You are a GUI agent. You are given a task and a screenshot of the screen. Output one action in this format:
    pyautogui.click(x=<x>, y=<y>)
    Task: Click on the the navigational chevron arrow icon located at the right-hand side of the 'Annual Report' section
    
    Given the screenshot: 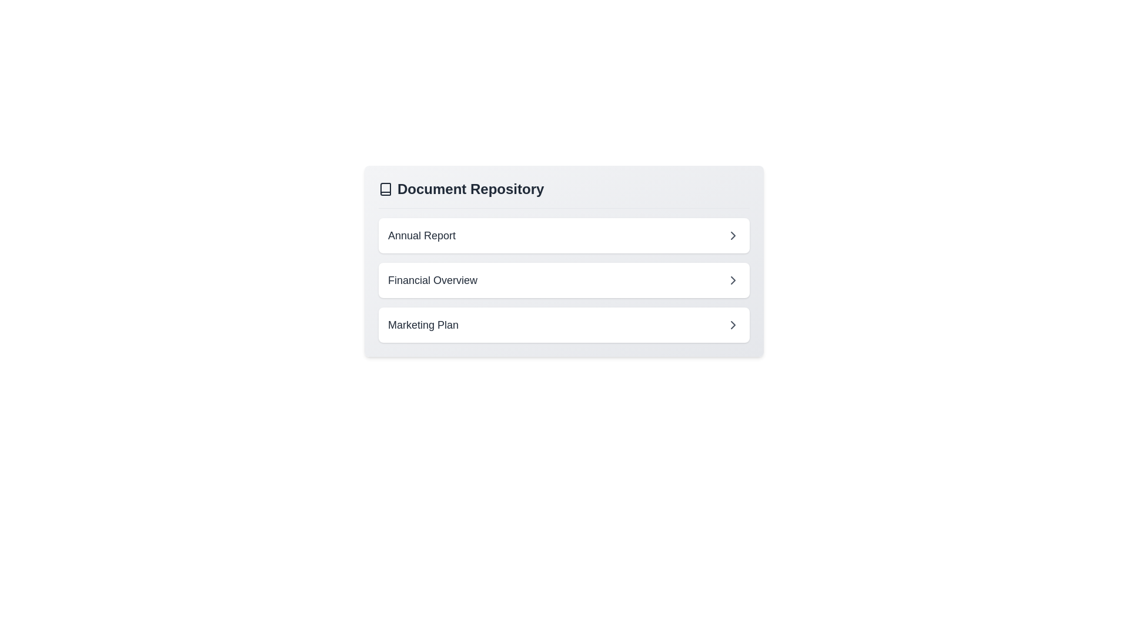 What is the action you would take?
    pyautogui.click(x=733, y=236)
    